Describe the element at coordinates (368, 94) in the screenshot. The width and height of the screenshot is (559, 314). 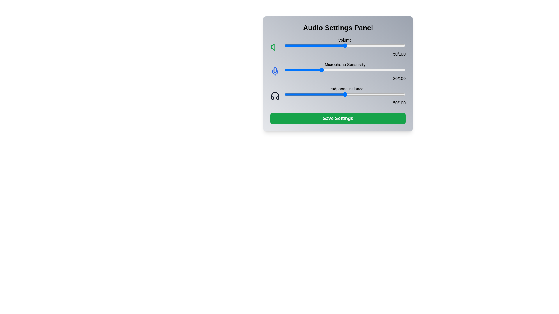
I see `headphone balance` at that location.